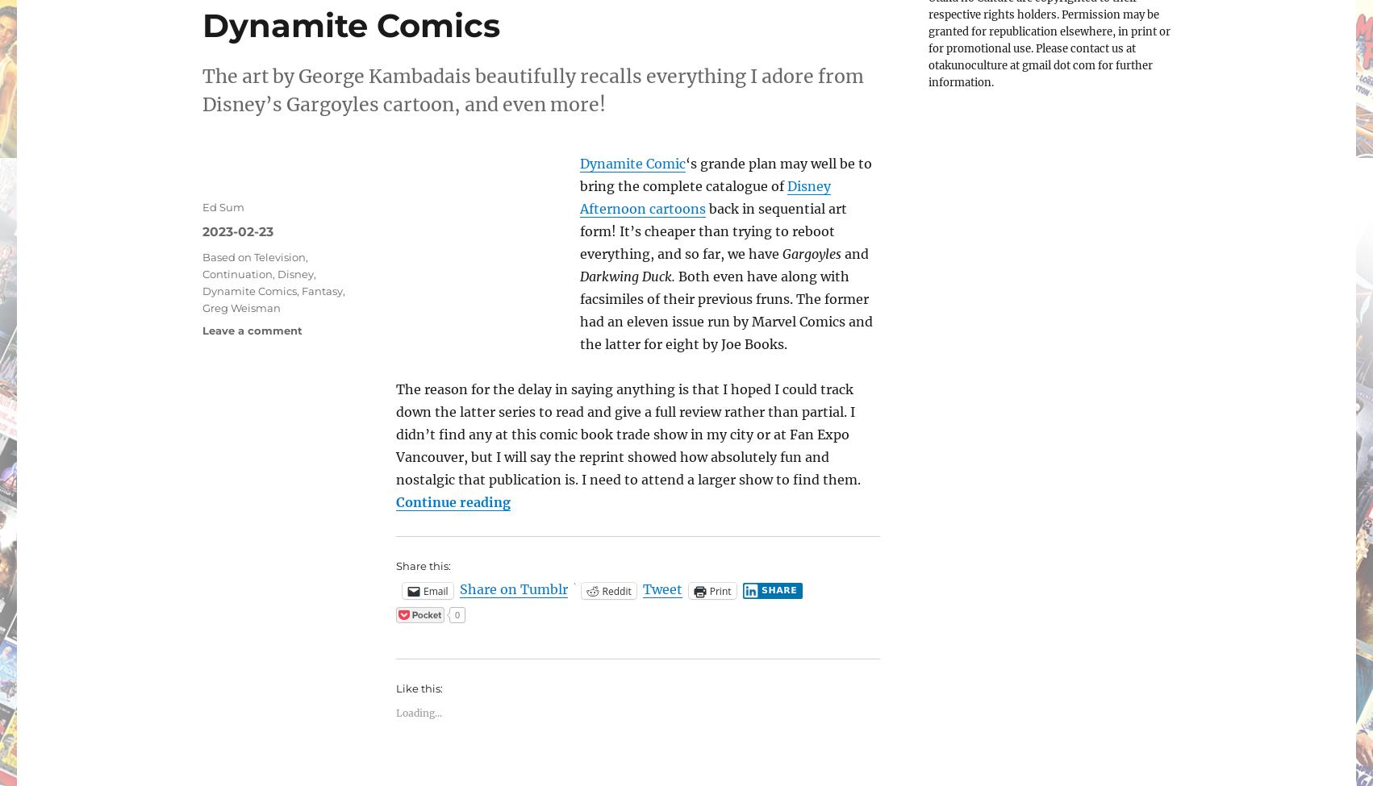 The height and width of the screenshot is (786, 1373). What do you see at coordinates (418, 688) in the screenshot?
I see `'Like this:'` at bounding box center [418, 688].